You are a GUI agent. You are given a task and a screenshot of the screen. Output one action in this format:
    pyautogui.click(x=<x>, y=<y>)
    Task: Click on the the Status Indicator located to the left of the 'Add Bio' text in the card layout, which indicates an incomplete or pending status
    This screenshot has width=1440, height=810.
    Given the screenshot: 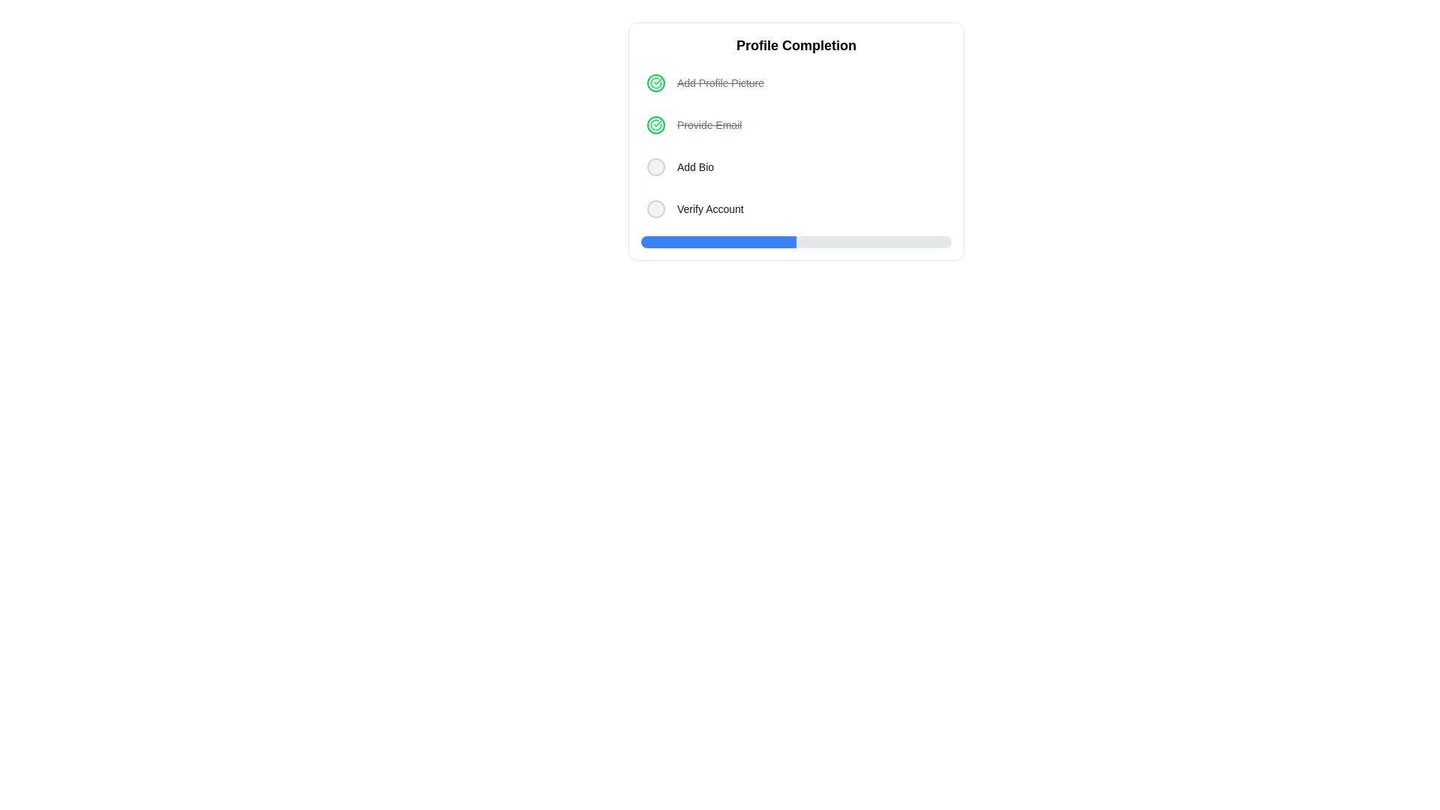 What is the action you would take?
    pyautogui.click(x=655, y=167)
    